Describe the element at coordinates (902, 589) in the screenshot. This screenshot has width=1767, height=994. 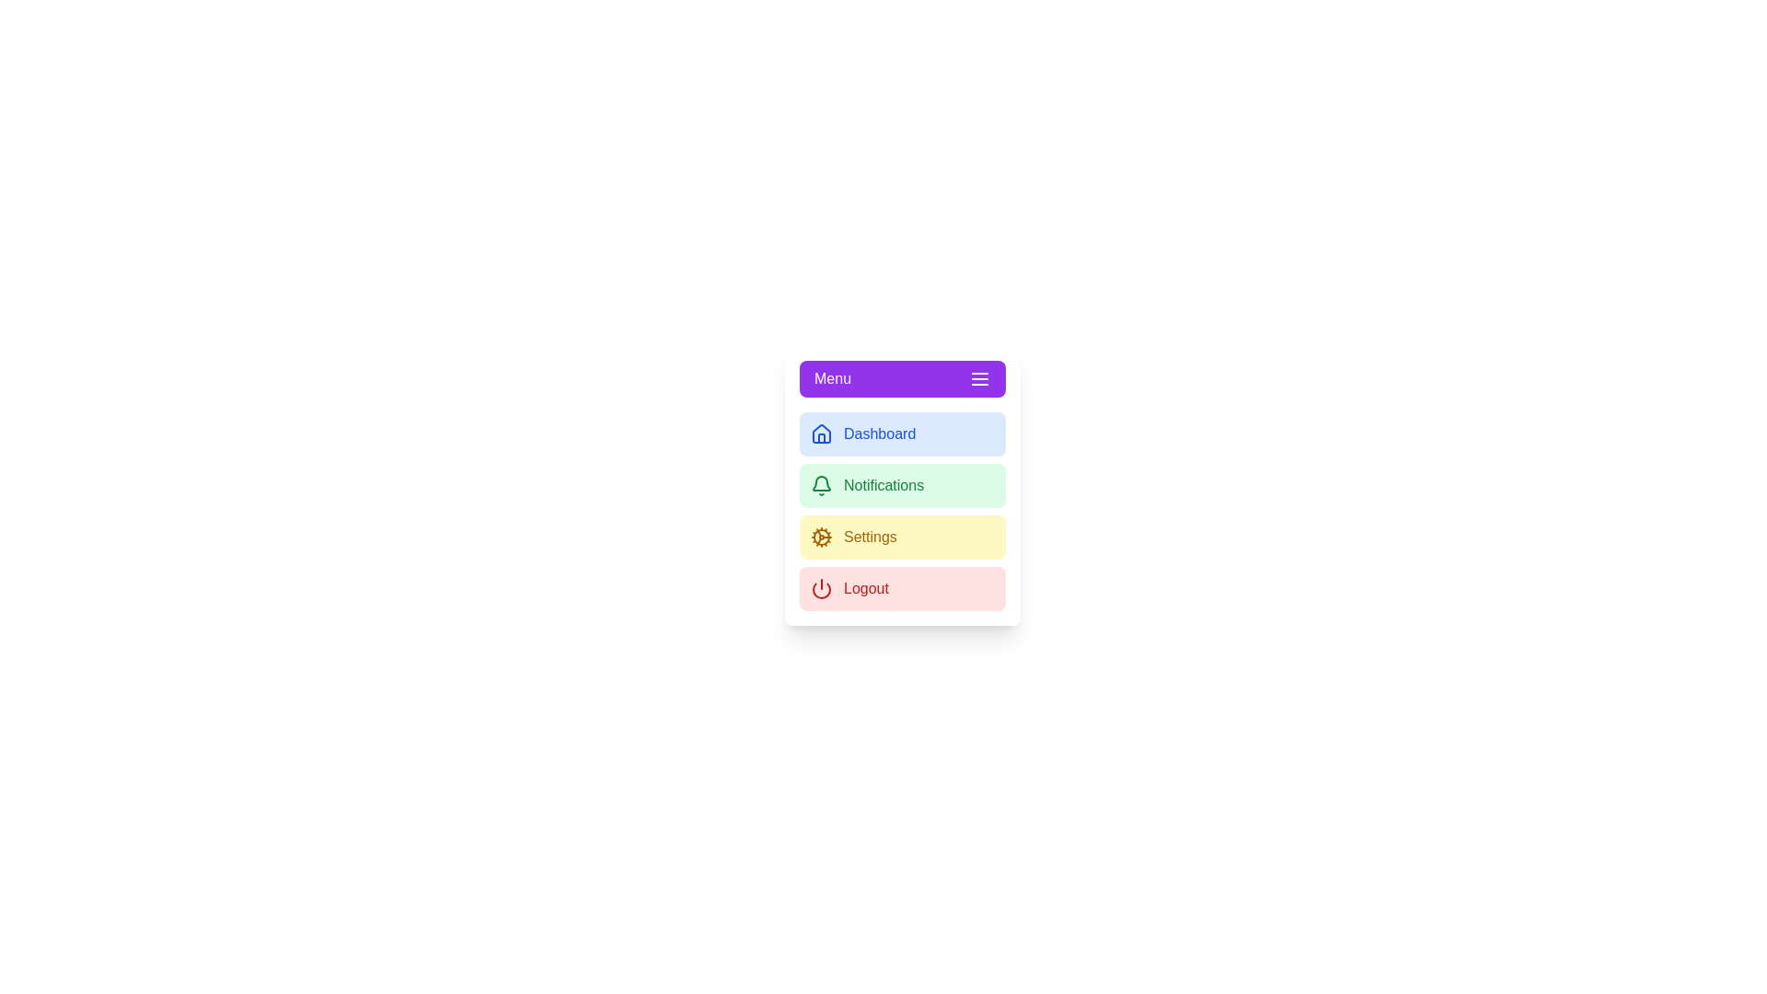
I see `the menu item Logout to observe its hover effect` at that location.